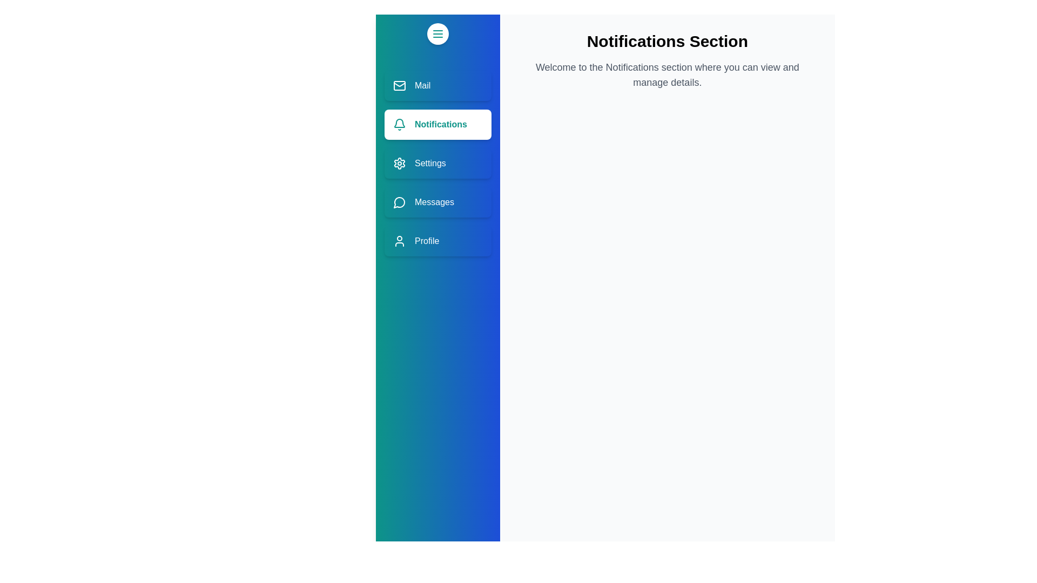  Describe the element at coordinates (437, 85) in the screenshot. I see `the section Mail from the sidebar` at that location.